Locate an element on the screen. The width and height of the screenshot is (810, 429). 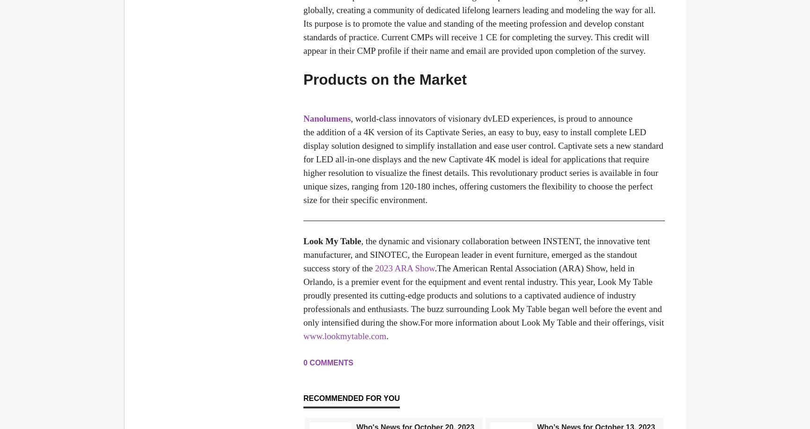
'2023 ARA Show' is located at coordinates (404, 268).